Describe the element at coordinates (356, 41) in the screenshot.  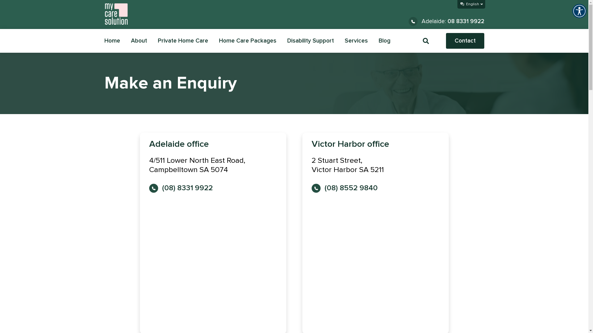
I see `'Services'` at that location.